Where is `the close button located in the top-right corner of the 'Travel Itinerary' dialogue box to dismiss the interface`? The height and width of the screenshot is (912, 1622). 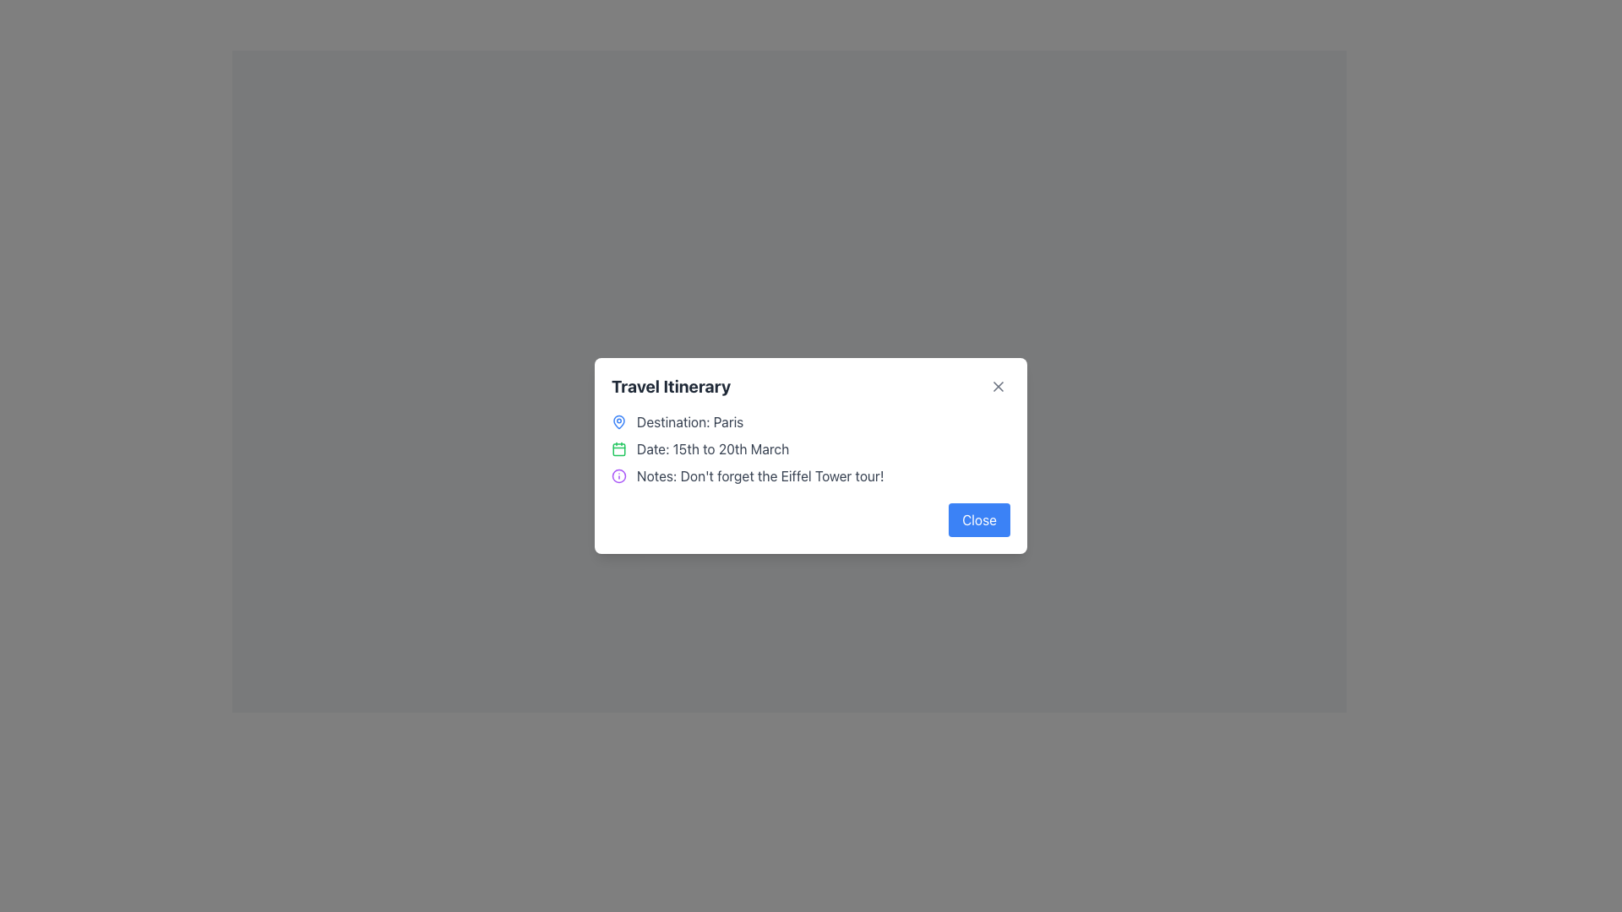 the close button located in the top-right corner of the 'Travel Itinerary' dialogue box to dismiss the interface is located at coordinates (998, 387).